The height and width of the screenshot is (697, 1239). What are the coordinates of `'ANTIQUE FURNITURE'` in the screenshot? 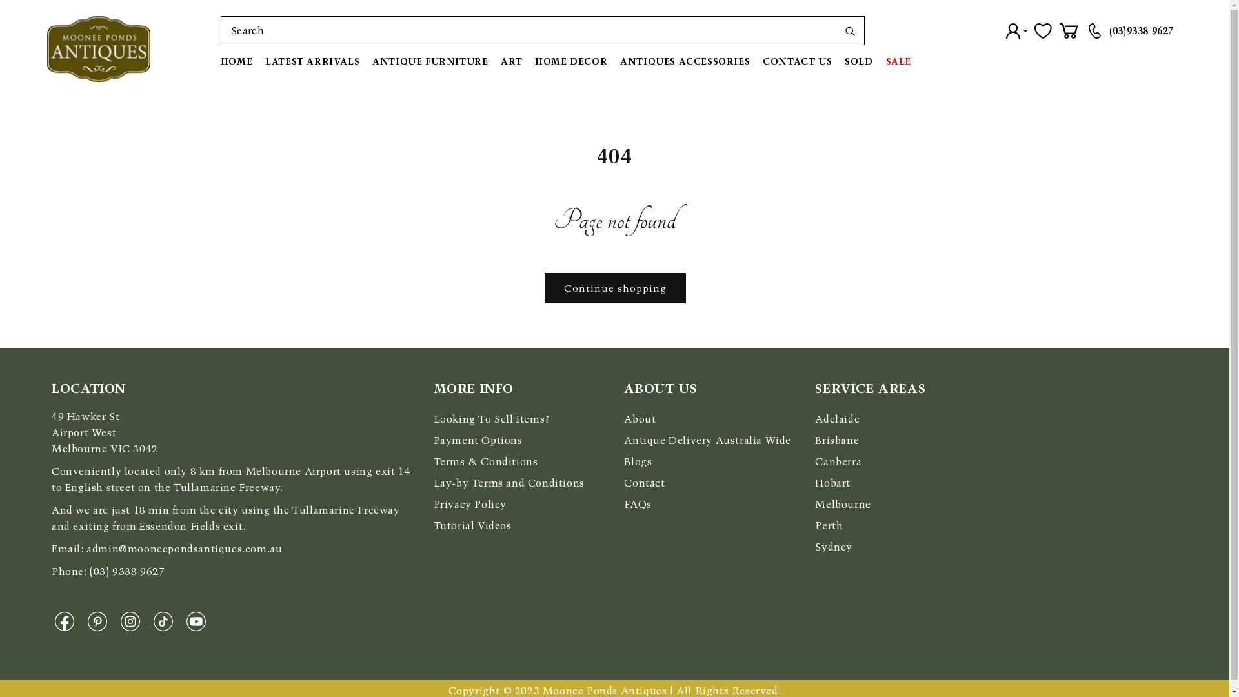 It's located at (430, 61).